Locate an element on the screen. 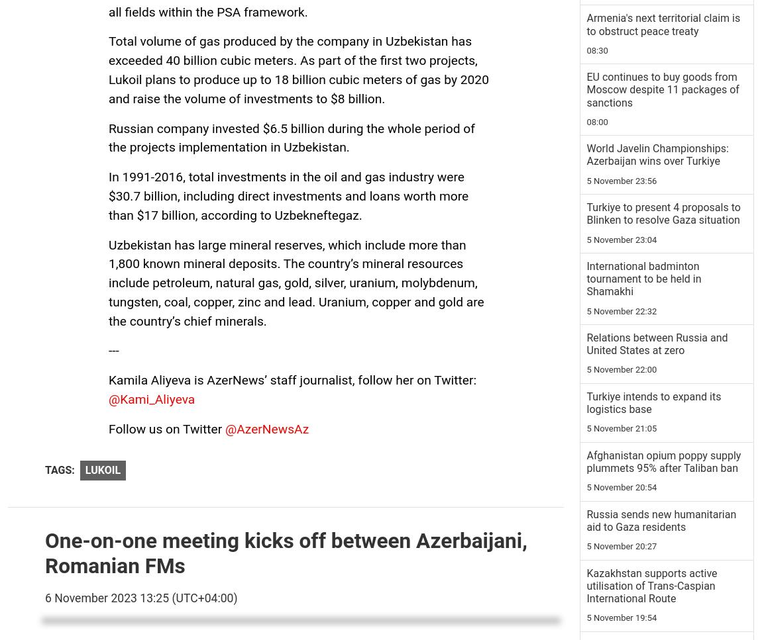  'Mourning ceremonies took place in honour of Martyrs [PHOTOS\VIDEO]' is located at coordinates (586, 202).